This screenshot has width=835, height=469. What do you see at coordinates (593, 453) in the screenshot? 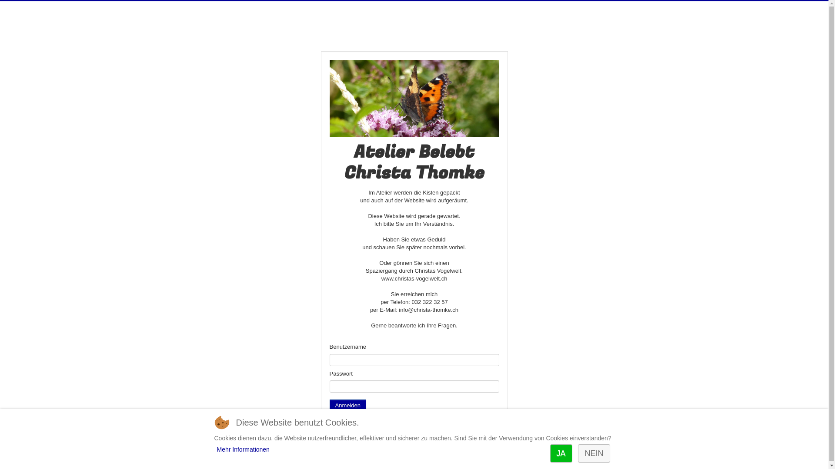
I see `'NEIN'` at bounding box center [593, 453].